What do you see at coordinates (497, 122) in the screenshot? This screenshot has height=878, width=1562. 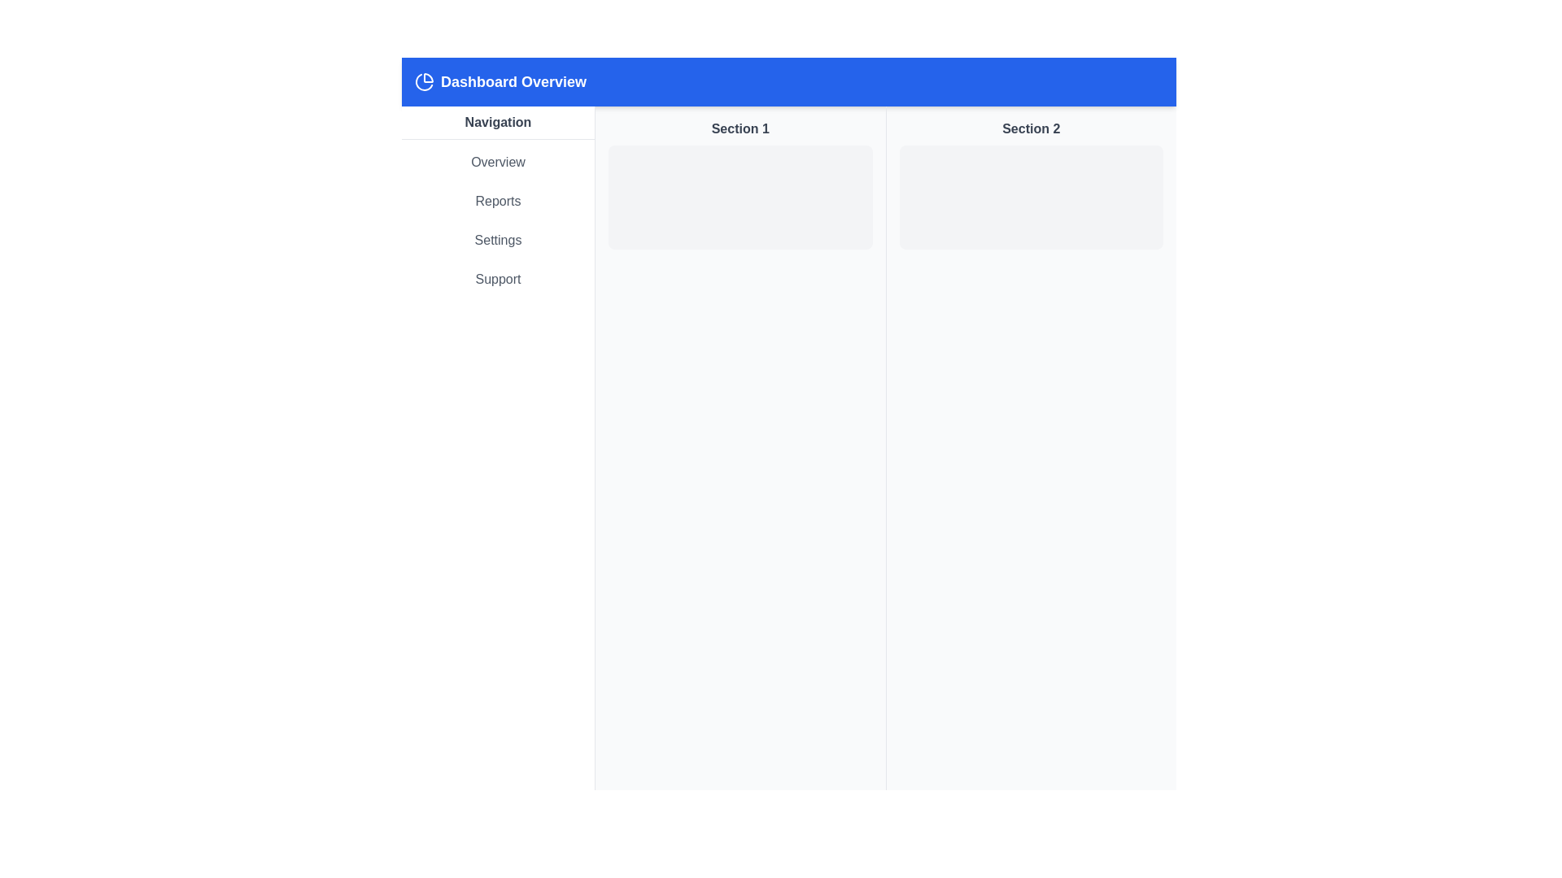 I see `the bold title labeled 'Navigation' with a gray font color located at the top of the left sidebar` at bounding box center [497, 122].